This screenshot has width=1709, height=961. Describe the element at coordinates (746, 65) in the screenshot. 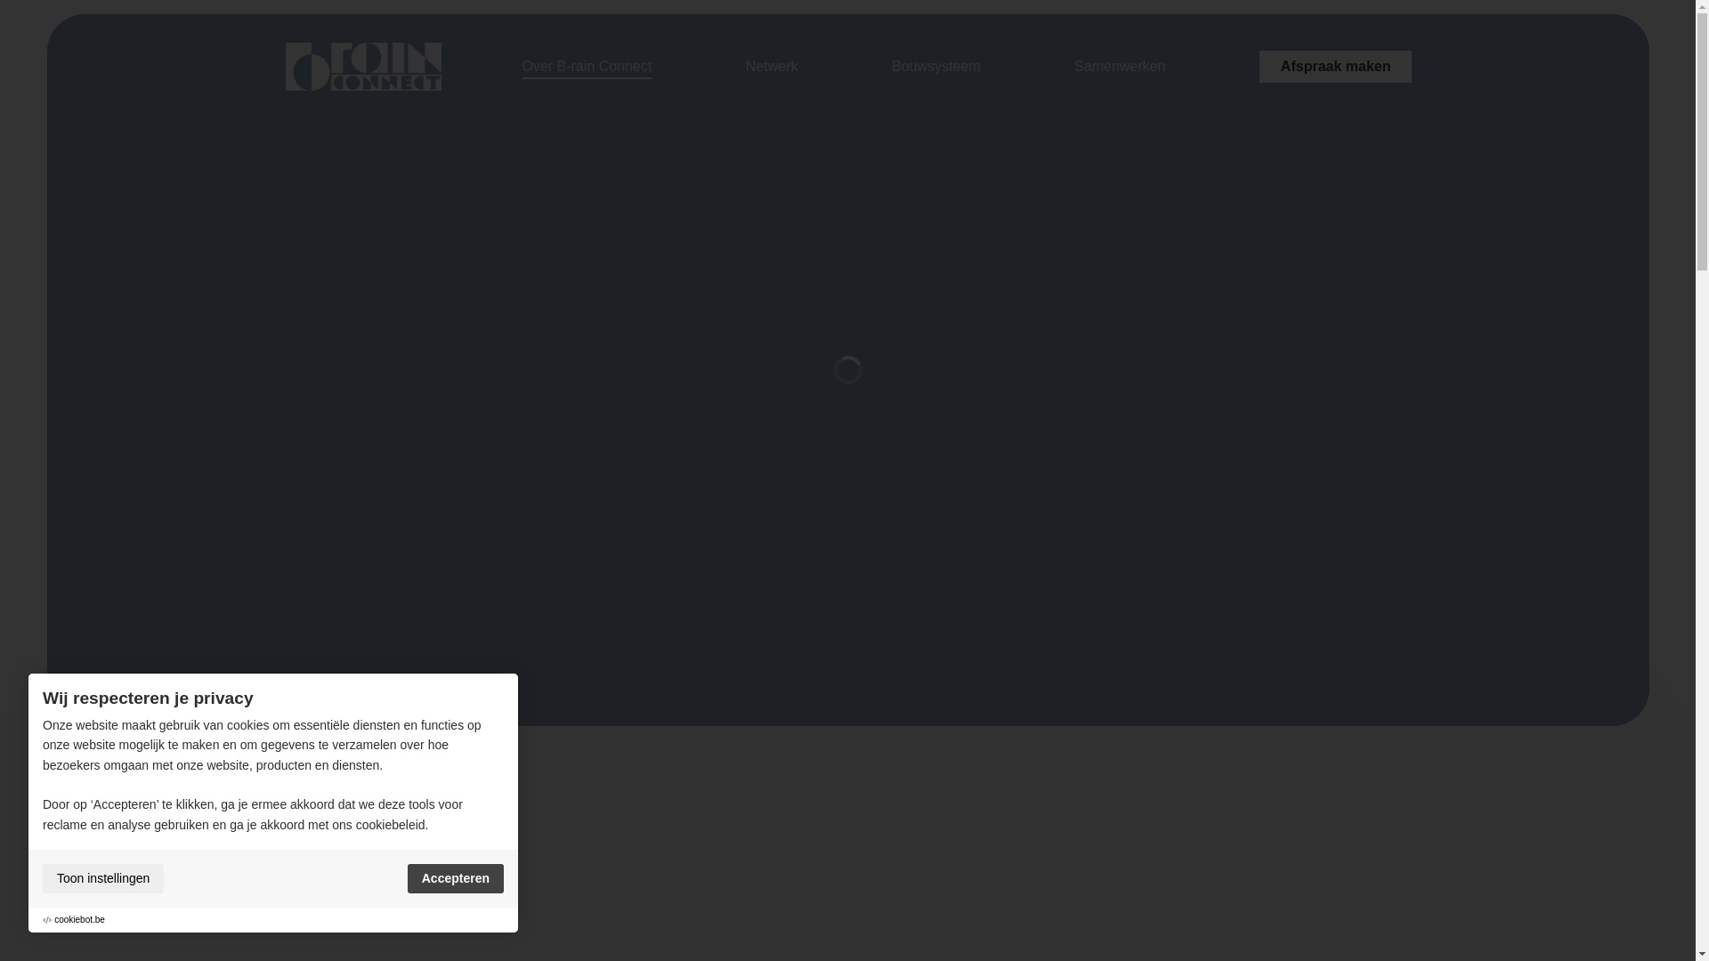

I see `'Netwerk'` at that location.